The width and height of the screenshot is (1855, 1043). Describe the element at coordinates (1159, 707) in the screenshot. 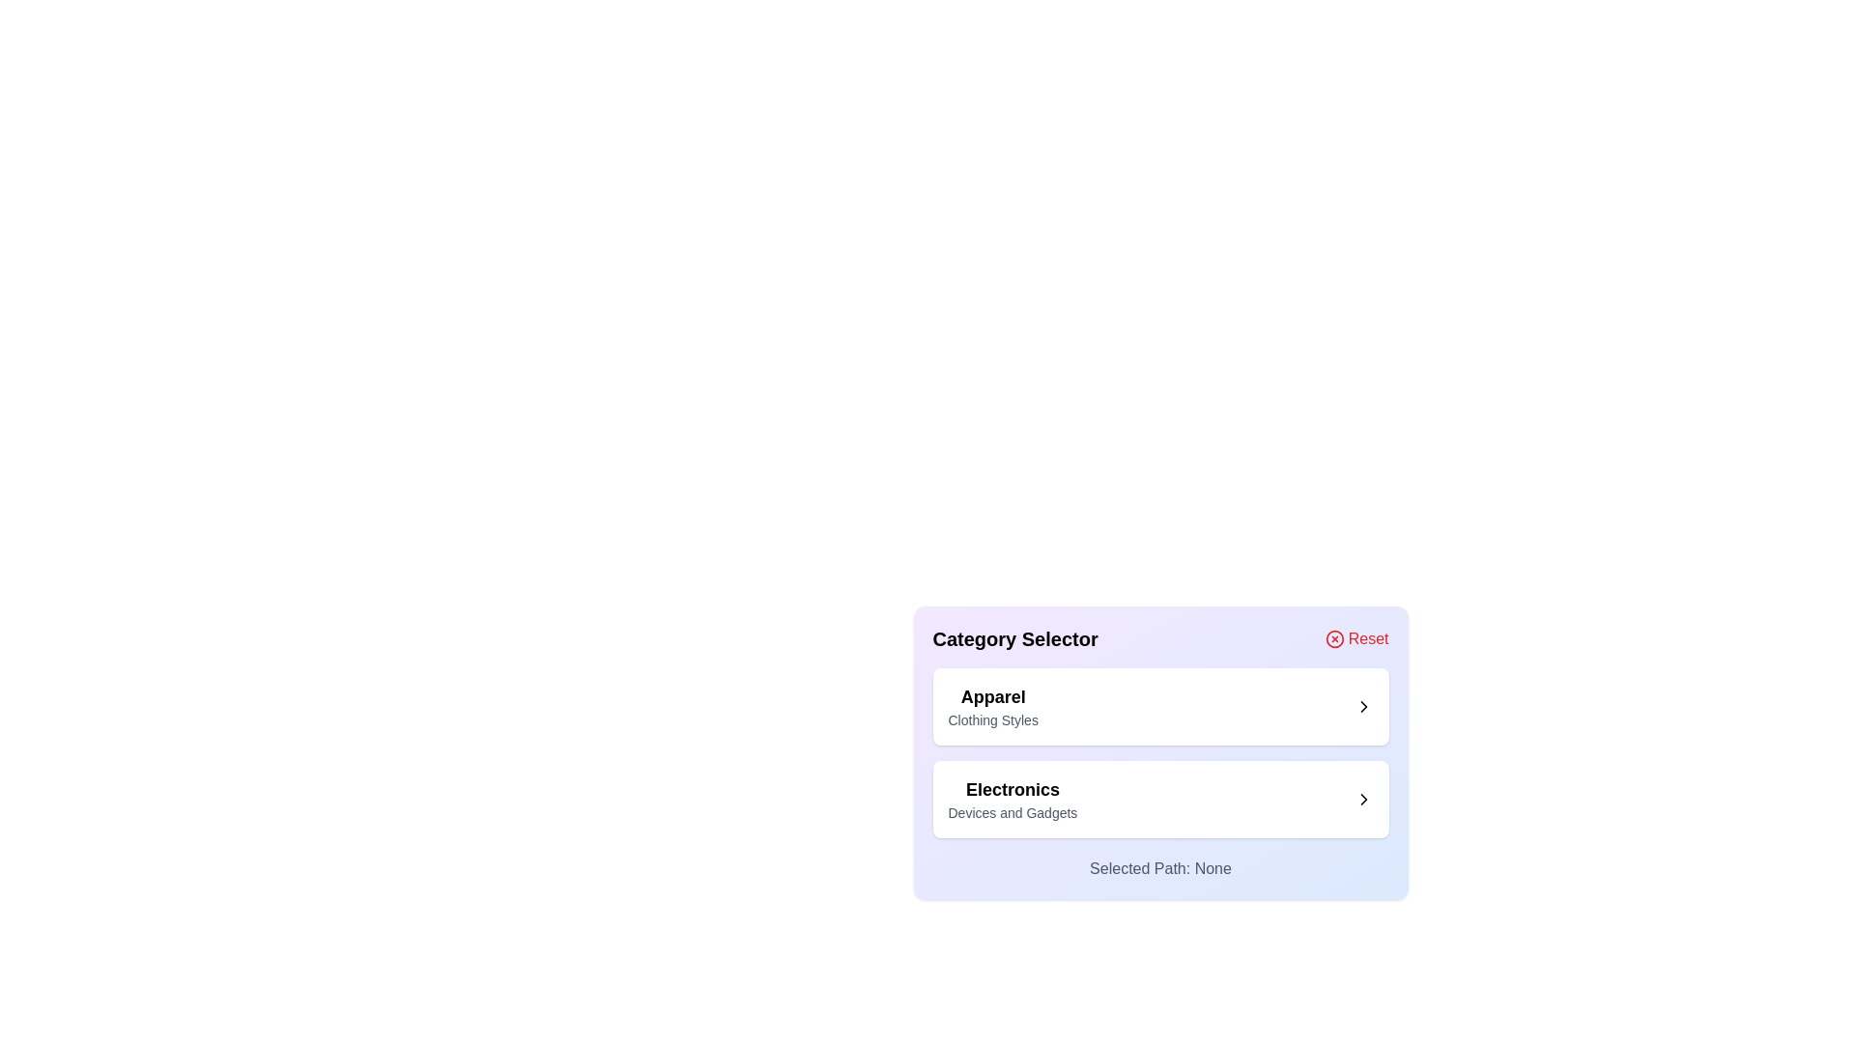

I see `the interactive list item labeled 'Apparel' with navigation` at that location.